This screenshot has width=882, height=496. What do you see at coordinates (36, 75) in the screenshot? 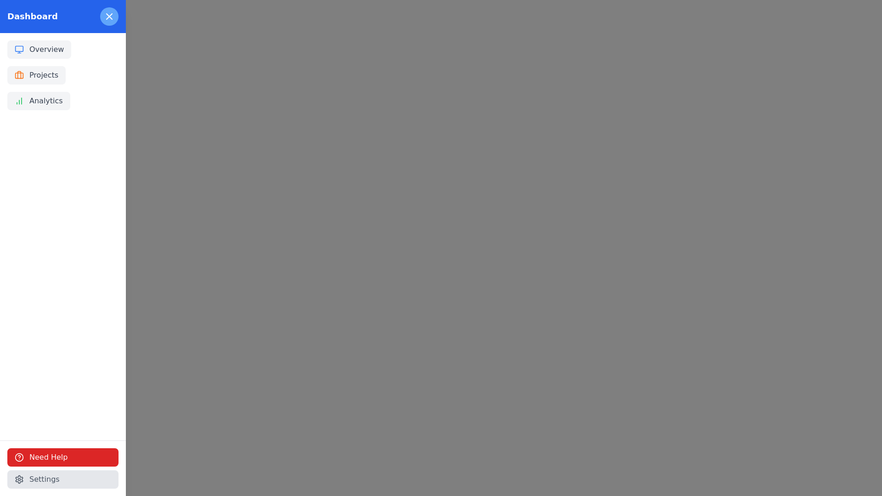
I see `the second button in the vertical list, located below the 'Overview' button and above the 'Analytics' button` at bounding box center [36, 75].